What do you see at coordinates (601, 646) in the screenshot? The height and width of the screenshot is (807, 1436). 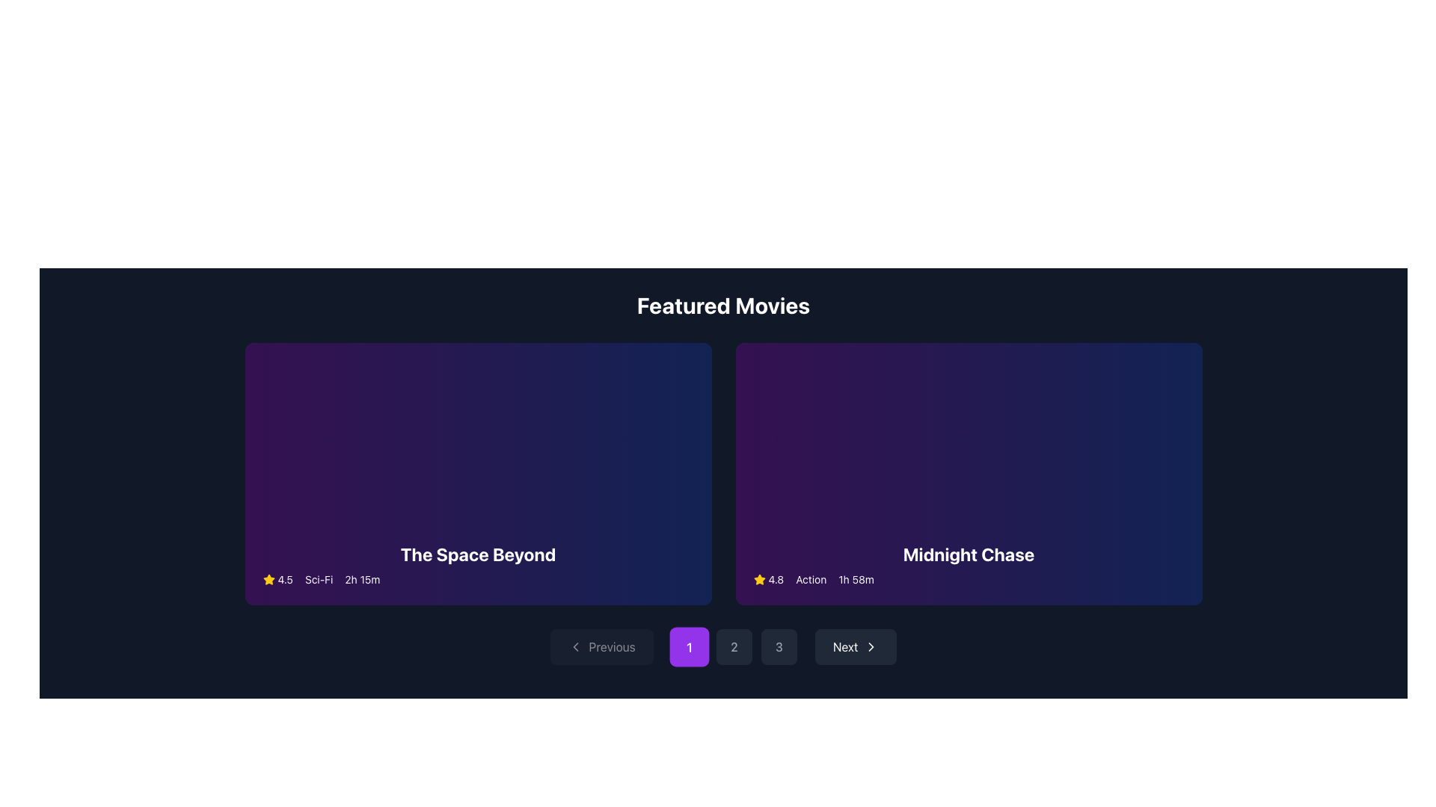 I see `the 'Previous' button, a rectangular button with a dark background and white text, located in the bottom navigation bar` at bounding box center [601, 646].